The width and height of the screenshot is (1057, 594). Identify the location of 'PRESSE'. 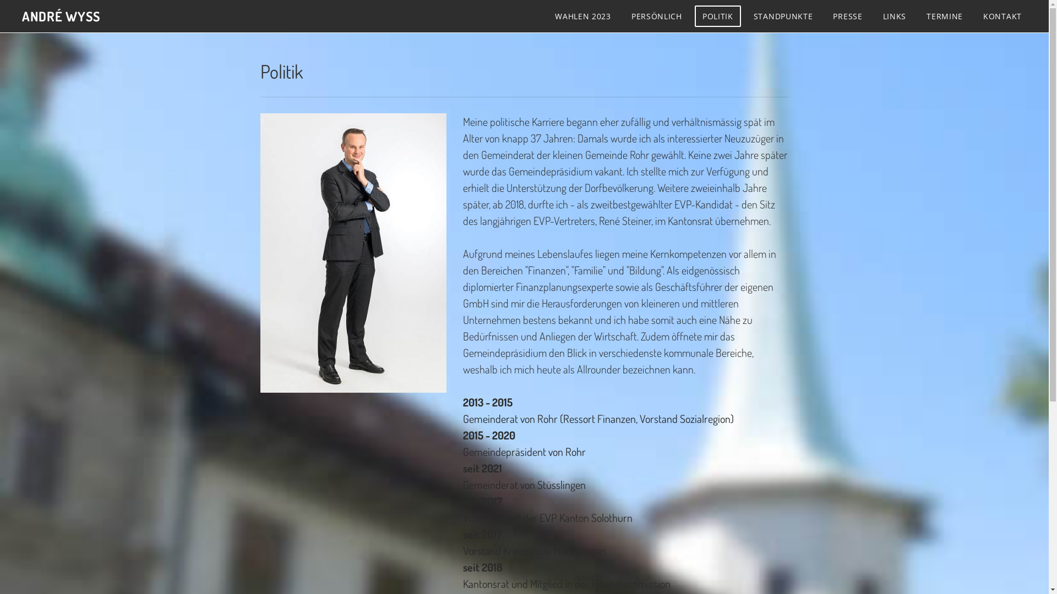
(847, 16).